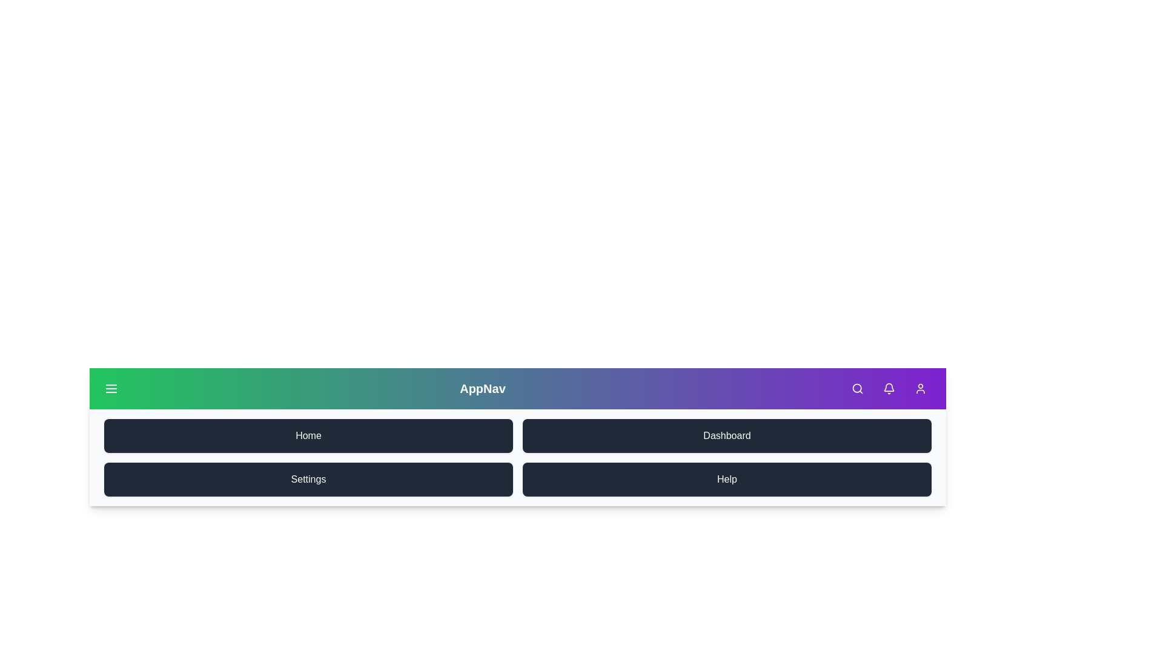 The image size is (1163, 654). What do you see at coordinates (308, 436) in the screenshot?
I see `the menu item Home by clicking on it` at bounding box center [308, 436].